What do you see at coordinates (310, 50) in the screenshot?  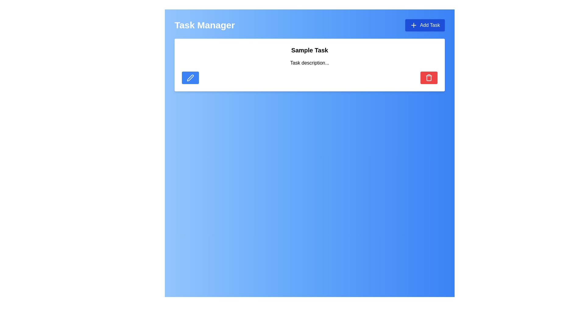 I see `the text label displaying 'Sample Task', which is styled with bold and large font and is positioned at the top of a white rounded card` at bounding box center [310, 50].